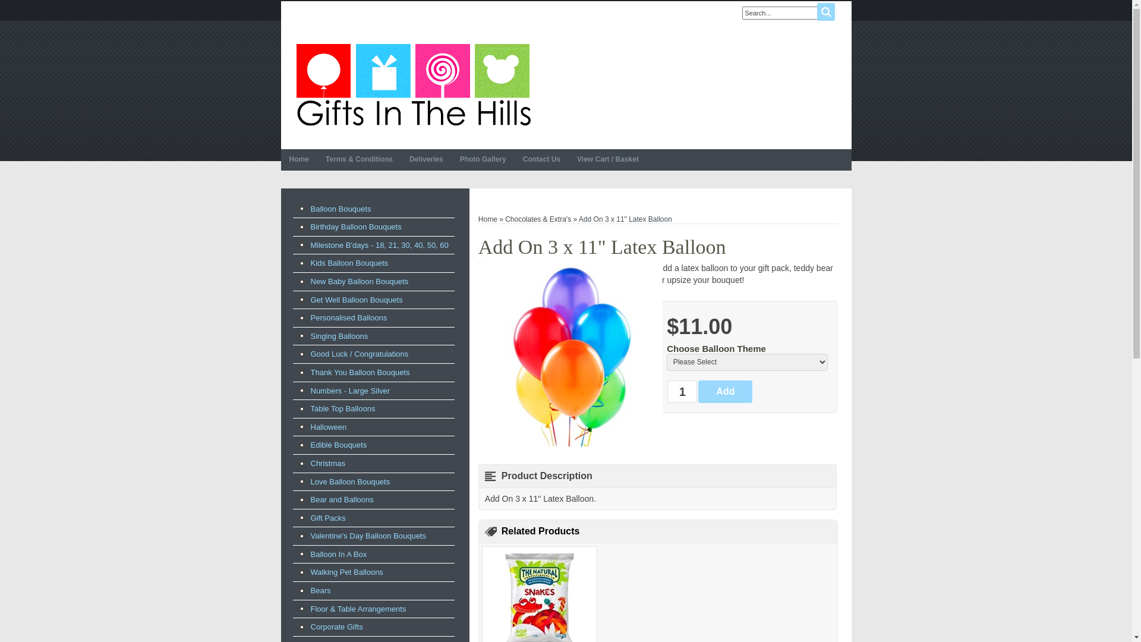 This screenshot has width=1141, height=642. What do you see at coordinates (373, 408) in the screenshot?
I see `'Table Top Balloons'` at bounding box center [373, 408].